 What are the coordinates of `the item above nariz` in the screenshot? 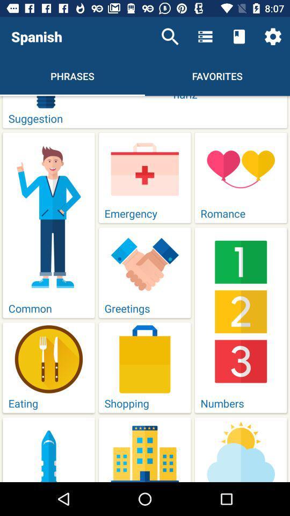 It's located at (170, 37).